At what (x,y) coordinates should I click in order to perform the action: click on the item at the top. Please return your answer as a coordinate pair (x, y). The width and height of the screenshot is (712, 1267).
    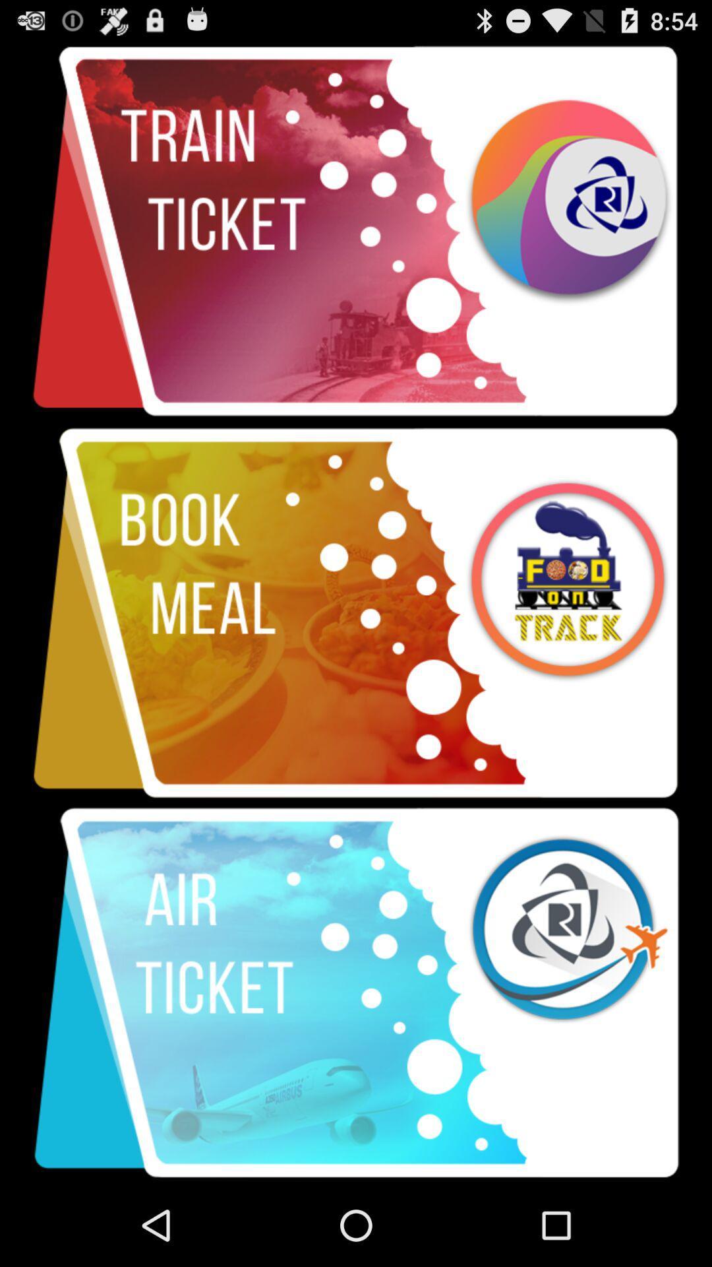
    Looking at the image, I should click on (356, 232).